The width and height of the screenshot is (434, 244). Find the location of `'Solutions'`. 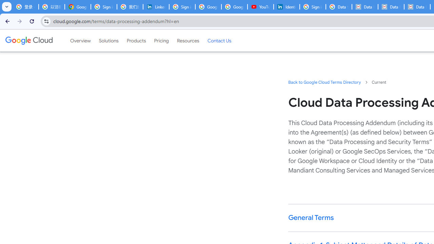

'Solutions' is located at coordinates (108, 40).